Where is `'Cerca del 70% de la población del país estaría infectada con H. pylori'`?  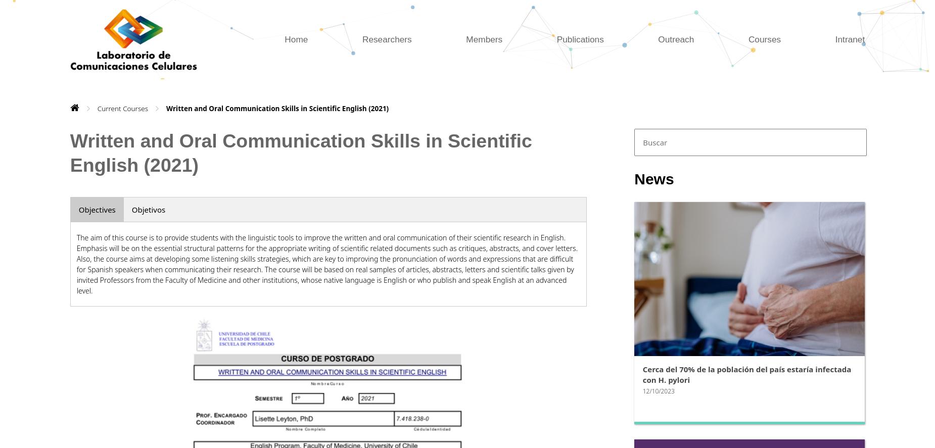
'Cerca del 70% de la población del país estaría infectada con H. pylori' is located at coordinates (746, 374).